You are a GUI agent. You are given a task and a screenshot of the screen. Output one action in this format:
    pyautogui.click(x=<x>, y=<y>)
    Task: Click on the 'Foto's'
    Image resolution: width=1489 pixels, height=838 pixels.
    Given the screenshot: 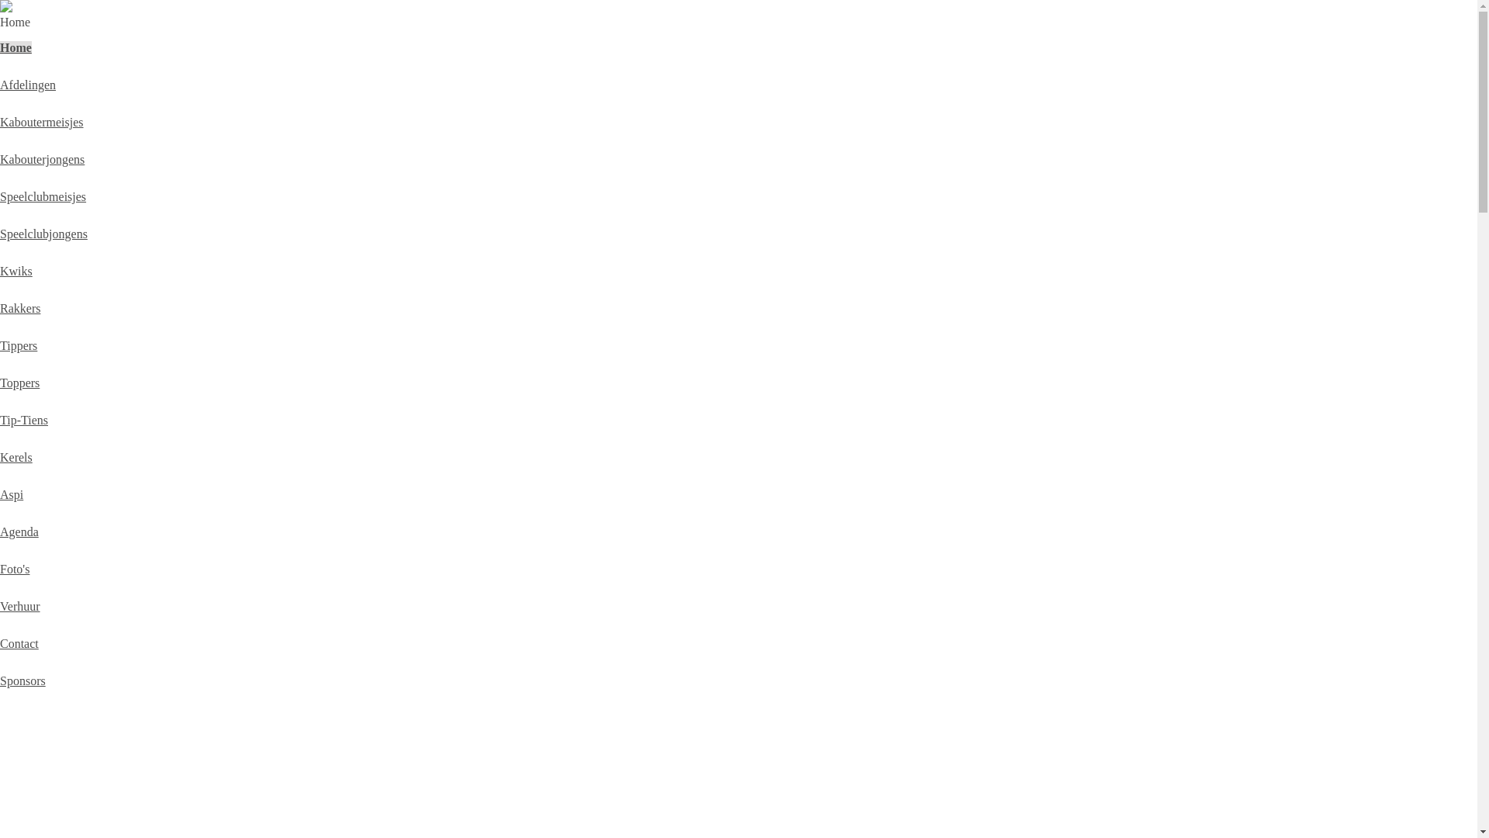 What is the action you would take?
    pyautogui.click(x=15, y=569)
    